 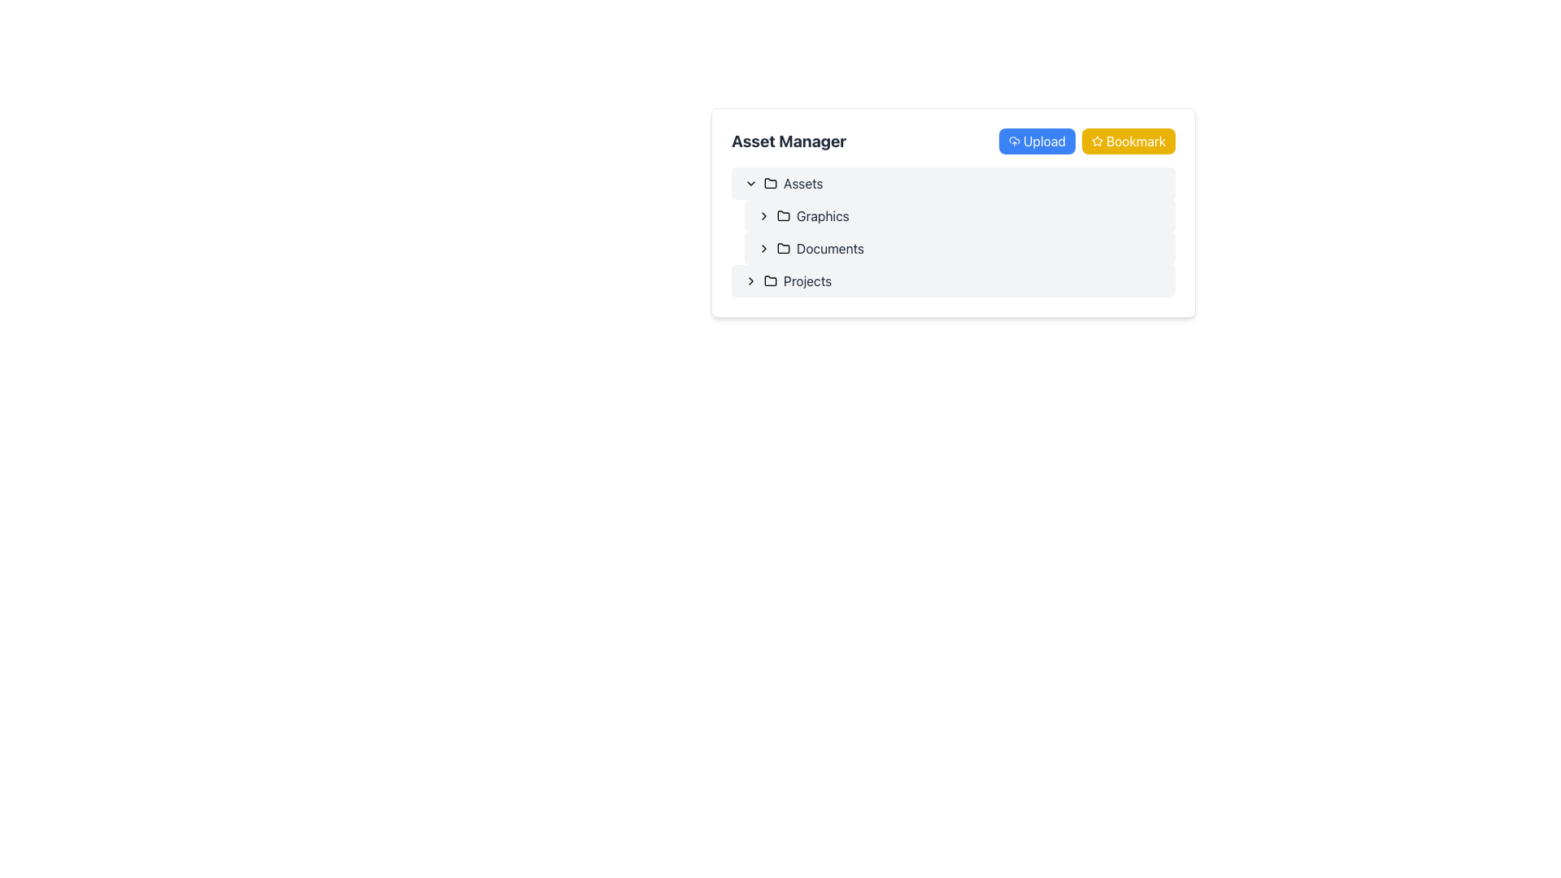 What do you see at coordinates (763, 215) in the screenshot?
I see `the chevron icon styled as a right-pointing arrow next to the text 'Graphics'` at bounding box center [763, 215].